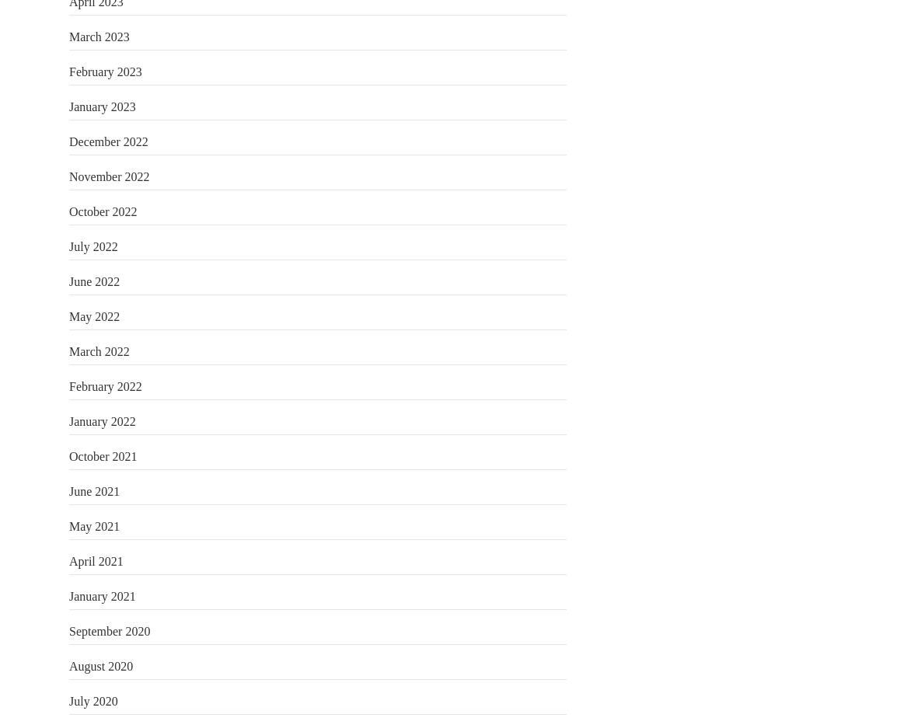 This screenshot has height=725, width=900. What do you see at coordinates (69, 141) in the screenshot?
I see `'December 2022'` at bounding box center [69, 141].